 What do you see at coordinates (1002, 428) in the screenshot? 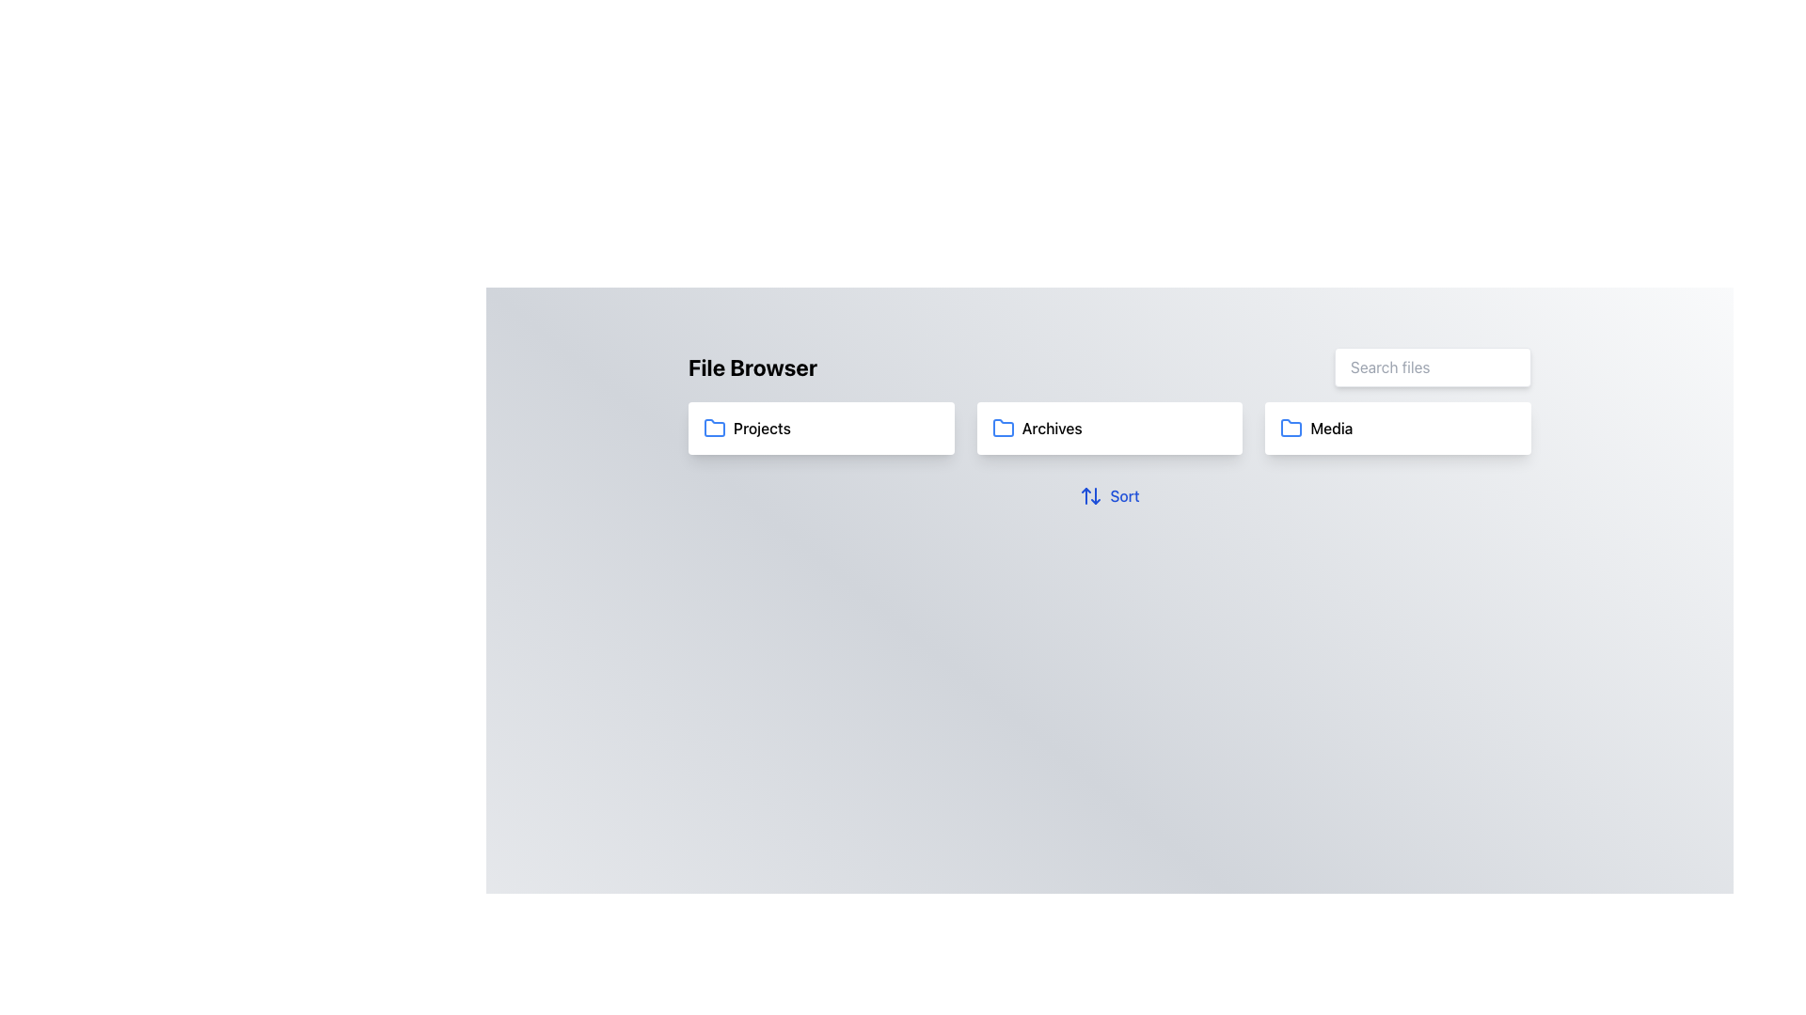
I see `the 'Archives' folder icon, which is located in the second item of the horizontal list of file category boxes` at bounding box center [1002, 428].